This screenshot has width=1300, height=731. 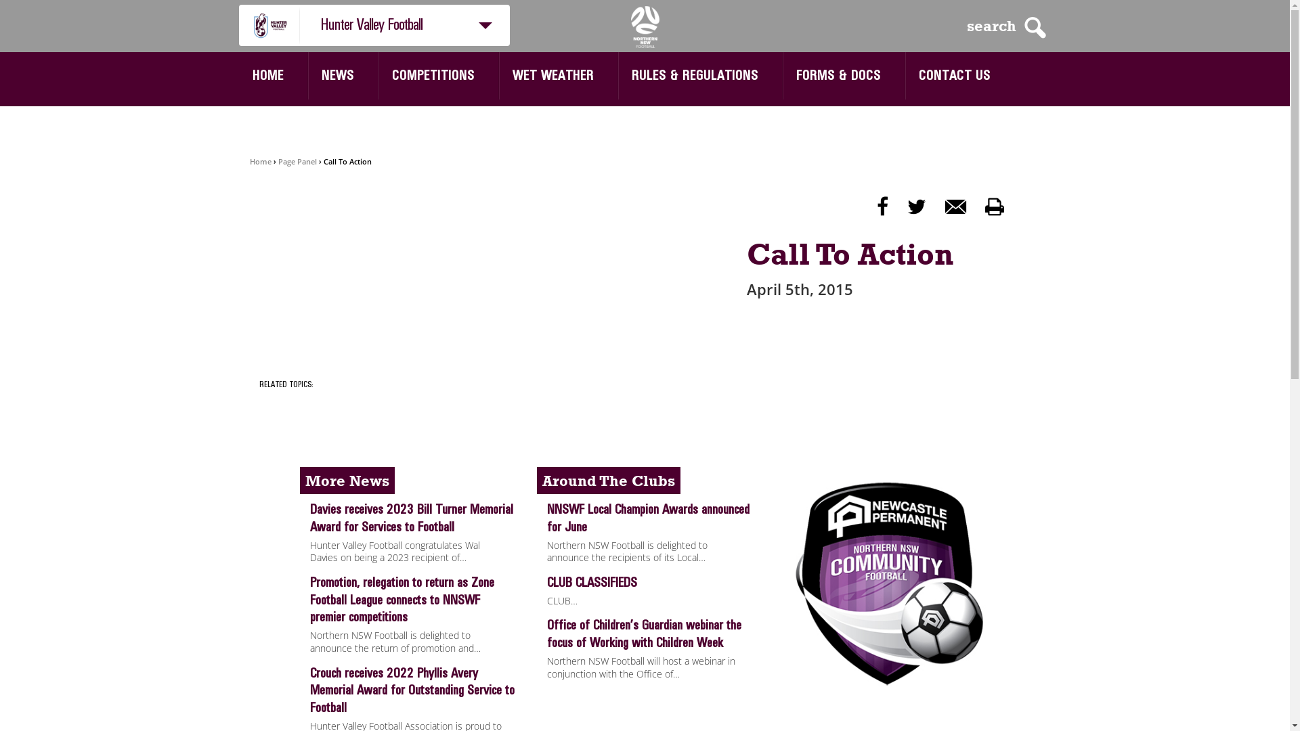 What do you see at coordinates (694, 75) in the screenshot?
I see `'RULES & REGULATIONS'` at bounding box center [694, 75].